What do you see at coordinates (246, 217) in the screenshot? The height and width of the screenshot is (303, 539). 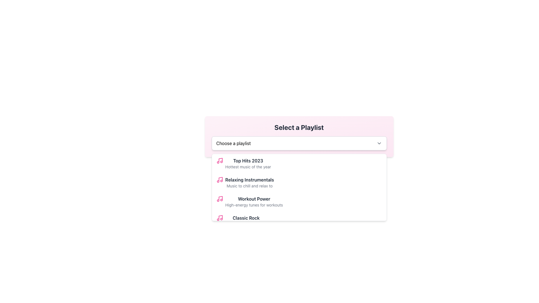 I see `the 'Classic Rock' text label located at the bottom of the dropdown list in the modal panel, which is the fourth item in the list and has the subtitle 'Timeless rock anthems' below it` at bounding box center [246, 217].